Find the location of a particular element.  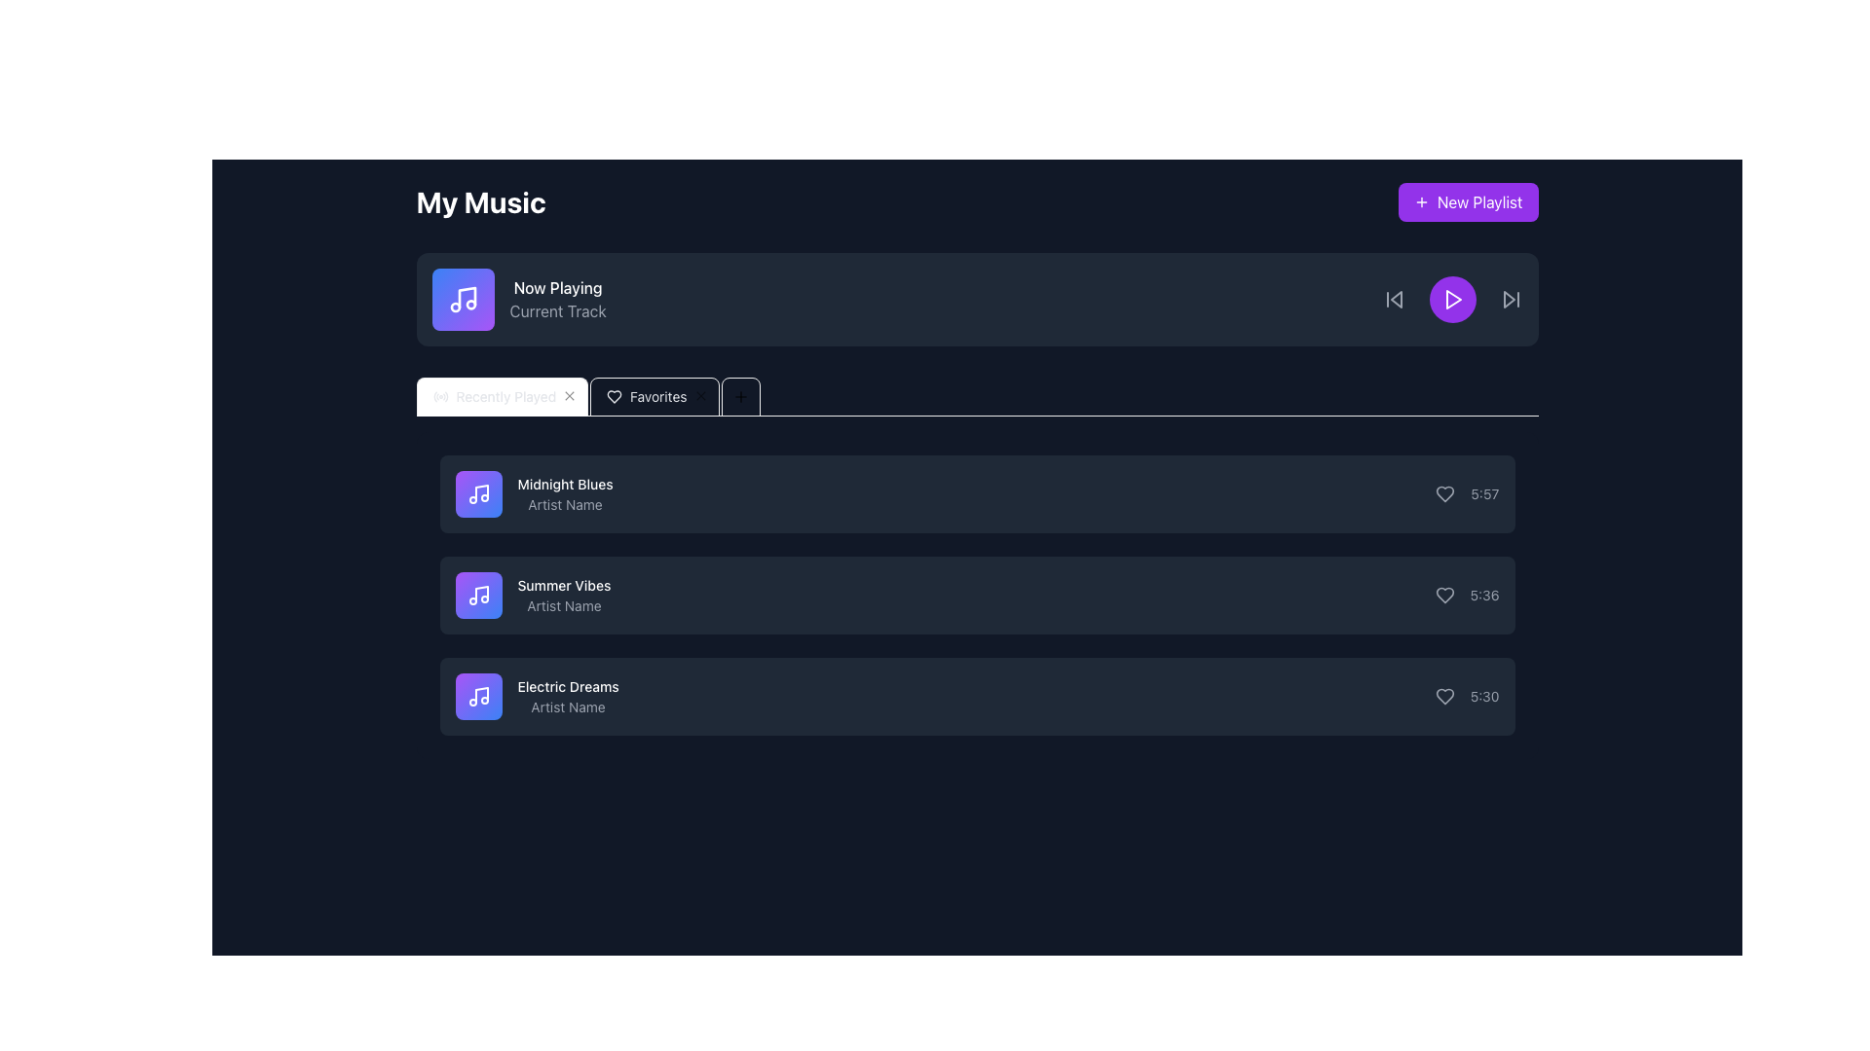

the forward-skip icon button is located at coordinates (1510, 300).